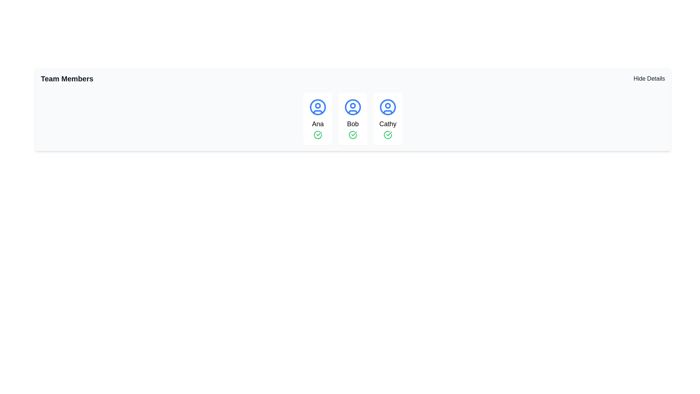 This screenshot has height=394, width=700. What do you see at coordinates (318, 107) in the screenshot?
I see `the circular user icon with a blue stroke representing 'Ana'` at bounding box center [318, 107].